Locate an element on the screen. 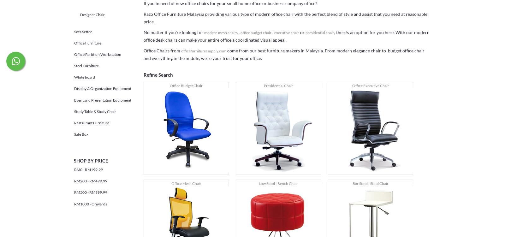  'RM1000 - Onwards' is located at coordinates (74, 204).